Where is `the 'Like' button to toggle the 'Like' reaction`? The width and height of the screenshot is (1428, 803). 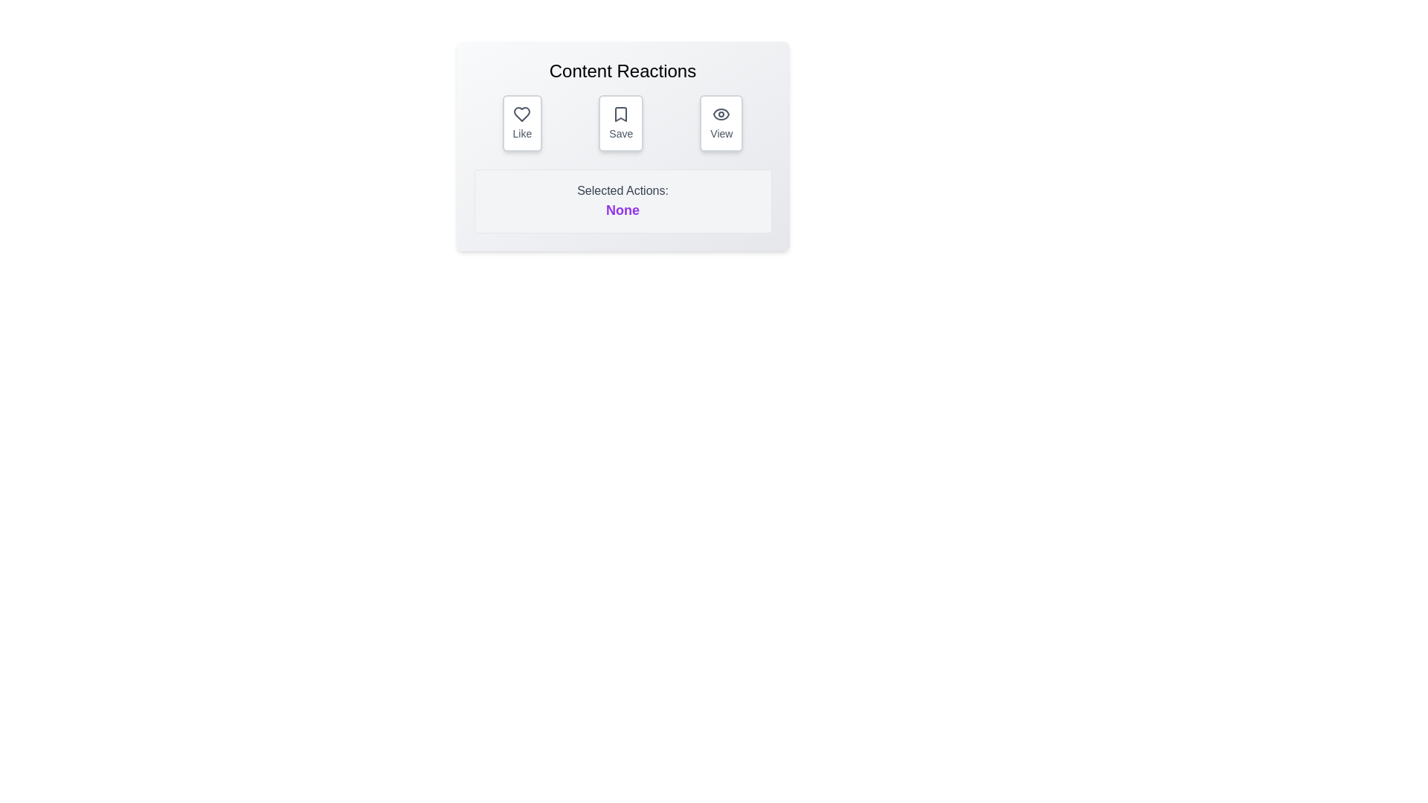
the 'Like' button to toggle the 'Like' reaction is located at coordinates (521, 122).